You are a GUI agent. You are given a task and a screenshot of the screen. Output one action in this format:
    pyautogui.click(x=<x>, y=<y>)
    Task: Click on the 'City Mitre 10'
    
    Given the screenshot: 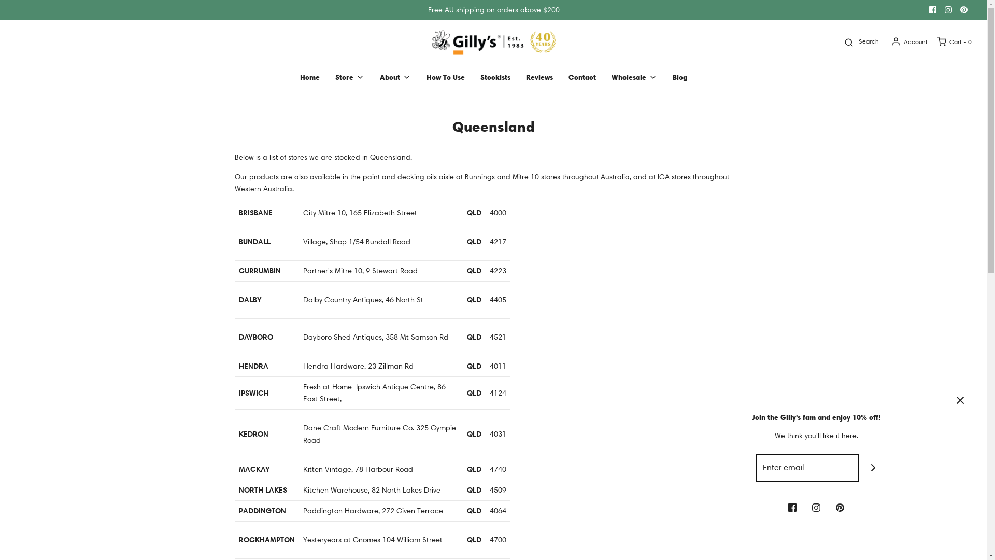 What is the action you would take?
    pyautogui.click(x=323, y=212)
    